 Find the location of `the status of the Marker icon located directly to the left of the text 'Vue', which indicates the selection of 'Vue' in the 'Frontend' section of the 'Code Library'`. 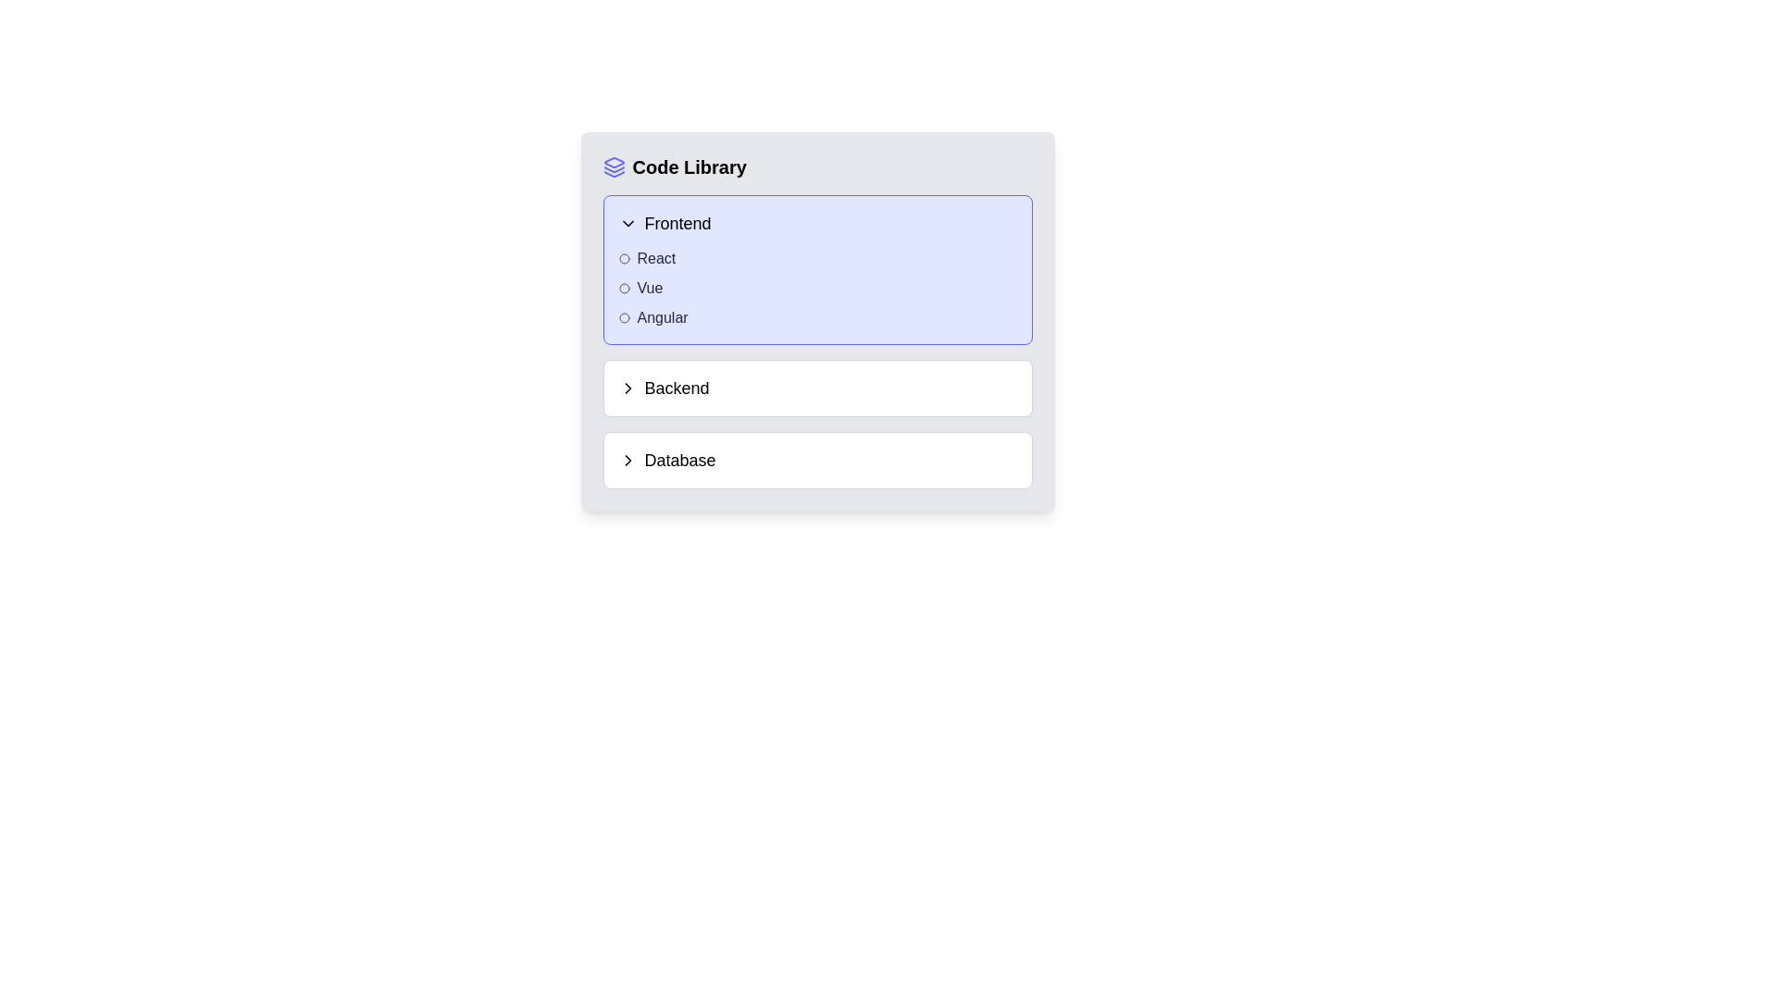

the status of the Marker icon located directly to the left of the text 'Vue', which indicates the selection of 'Vue' in the 'Frontend' section of the 'Code Library' is located at coordinates (624, 289).